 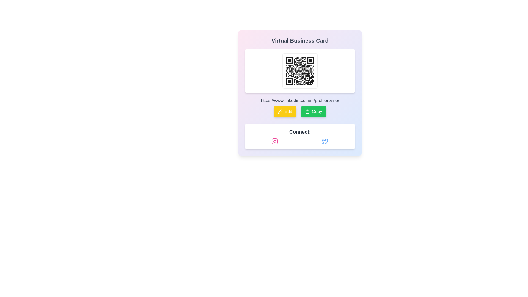 I want to click on the 'Edit' button containing the small yellow pen icon located below the QR code to initiate the edit action, so click(x=280, y=111).